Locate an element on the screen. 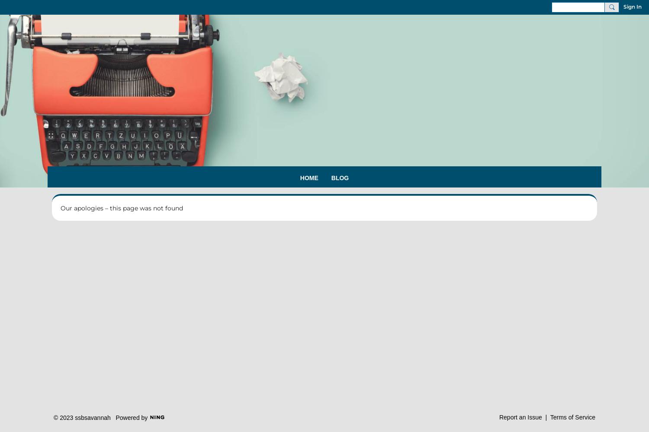 Image resolution: width=649 pixels, height=432 pixels. 'Report an Issue' is located at coordinates (520, 416).